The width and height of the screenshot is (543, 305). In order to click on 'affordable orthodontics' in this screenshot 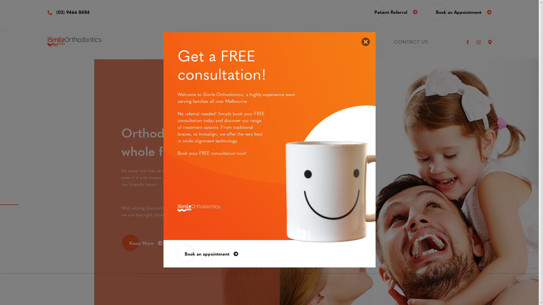, I will do `click(199, 208)`.